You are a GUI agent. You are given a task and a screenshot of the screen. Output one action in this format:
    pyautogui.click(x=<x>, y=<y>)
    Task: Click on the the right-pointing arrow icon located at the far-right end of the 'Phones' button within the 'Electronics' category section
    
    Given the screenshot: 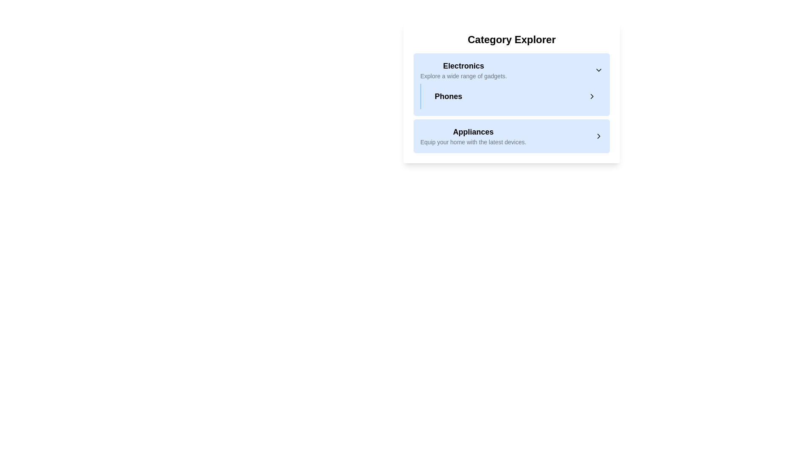 What is the action you would take?
    pyautogui.click(x=592, y=96)
    